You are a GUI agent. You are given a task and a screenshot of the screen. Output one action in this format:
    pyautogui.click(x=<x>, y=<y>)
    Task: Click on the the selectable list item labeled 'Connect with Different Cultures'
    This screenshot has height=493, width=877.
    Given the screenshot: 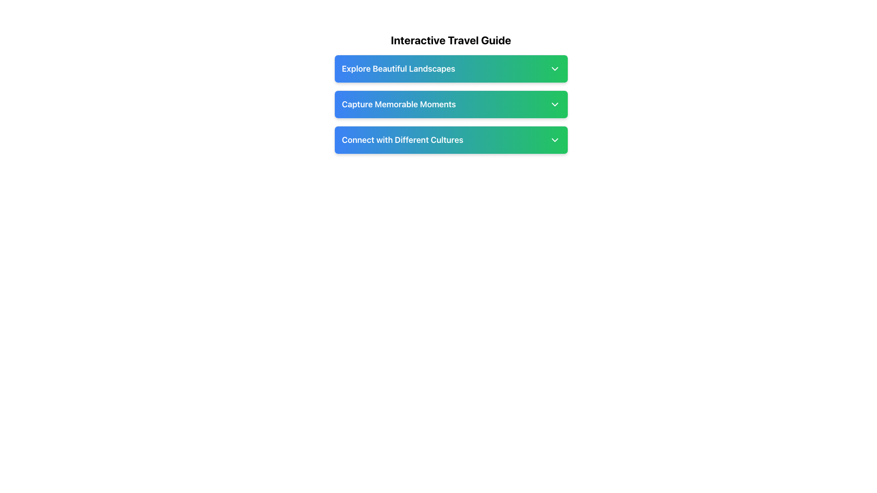 What is the action you would take?
    pyautogui.click(x=451, y=140)
    